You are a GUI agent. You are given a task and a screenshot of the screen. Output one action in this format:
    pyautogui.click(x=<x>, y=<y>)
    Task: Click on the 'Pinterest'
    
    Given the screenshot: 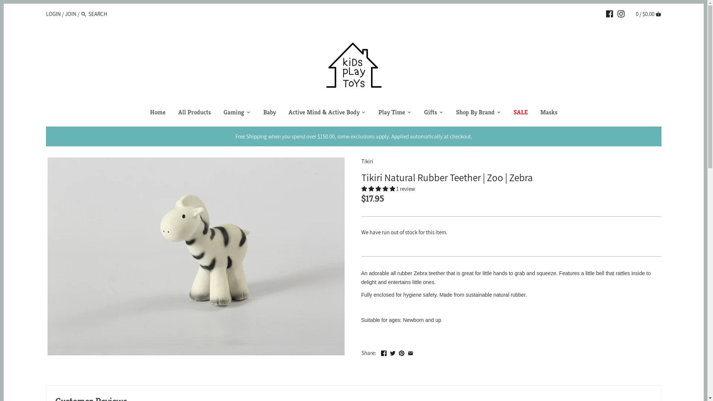 What is the action you would take?
    pyautogui.click(x=401, y=352)
    